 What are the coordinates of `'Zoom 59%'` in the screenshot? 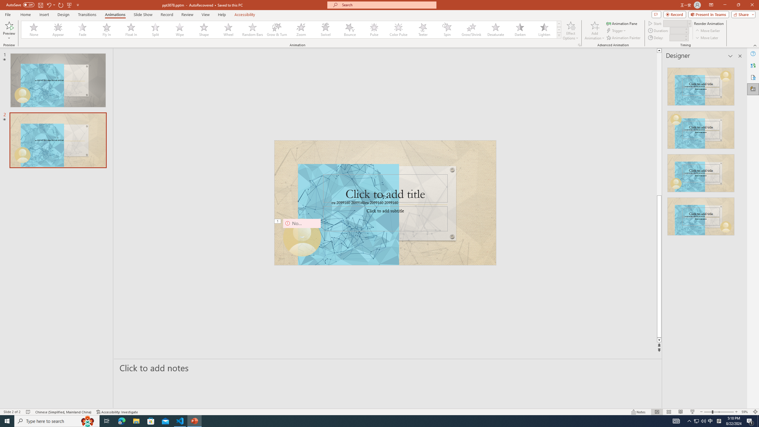 It's located at (746, 412).